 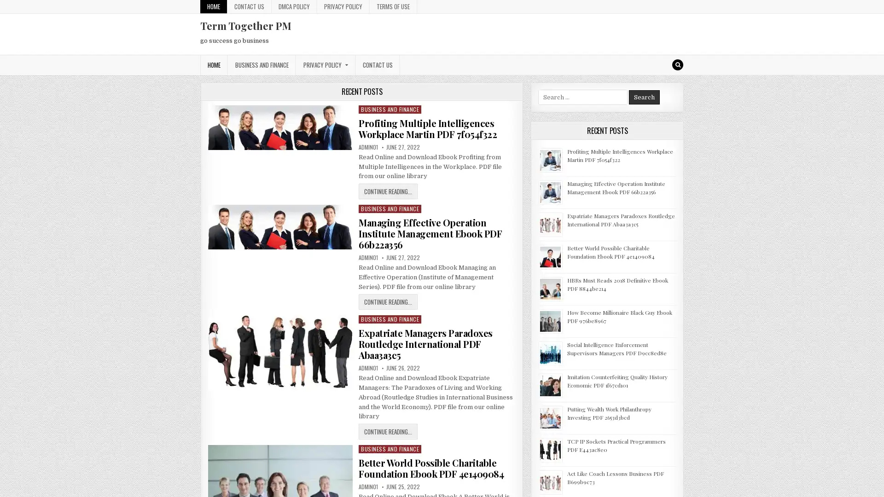 What do you see at coordinates (644, 97) in the screenshot?
I see `Search` at bounding box center [644, 97].